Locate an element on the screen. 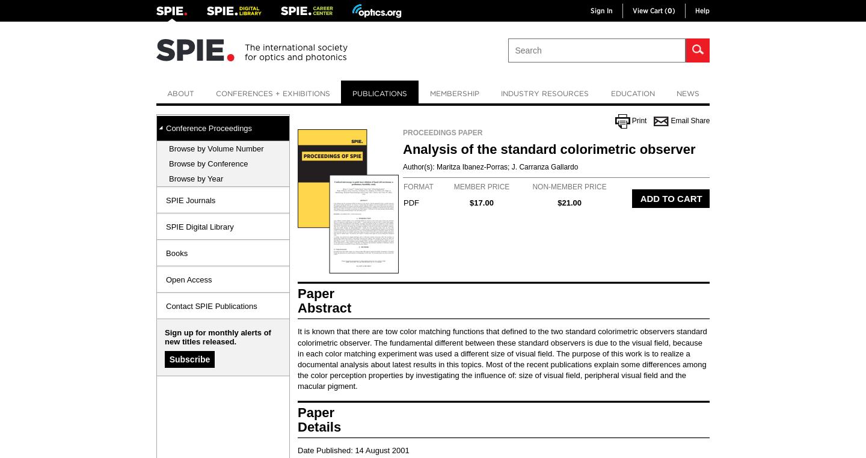 The height and width of the screenshot is (458, 866). 'Format' is located at coordinates (404, 186).